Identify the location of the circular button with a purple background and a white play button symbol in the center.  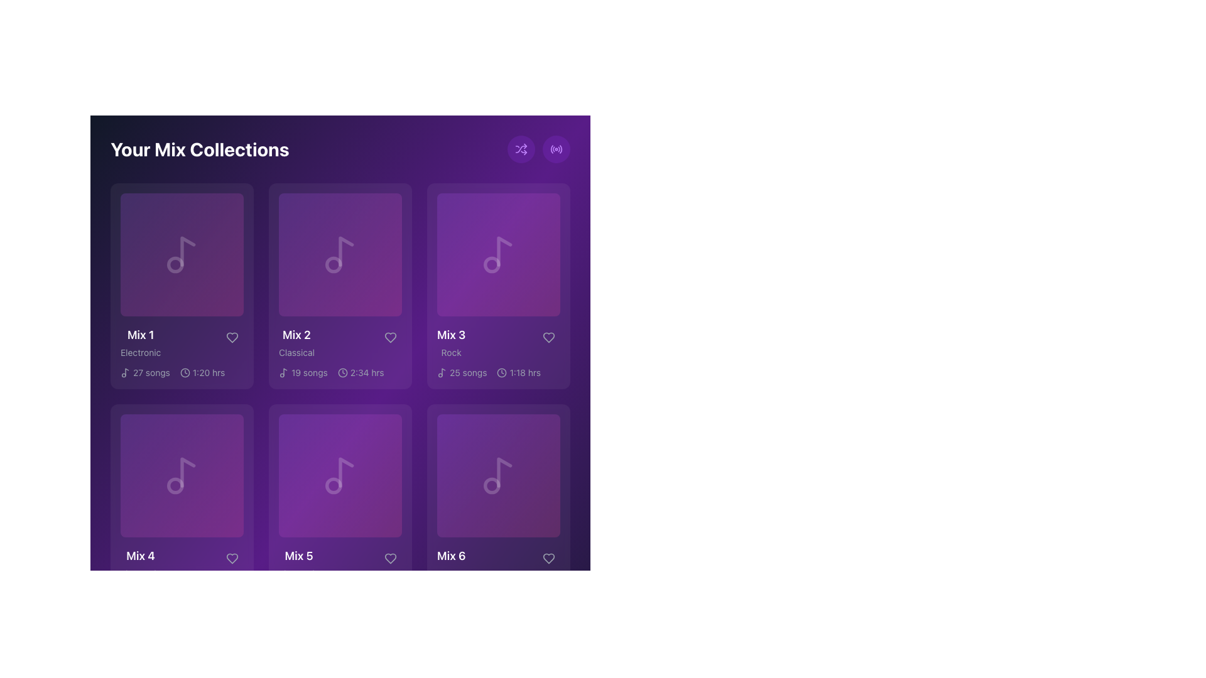
(340, 254).